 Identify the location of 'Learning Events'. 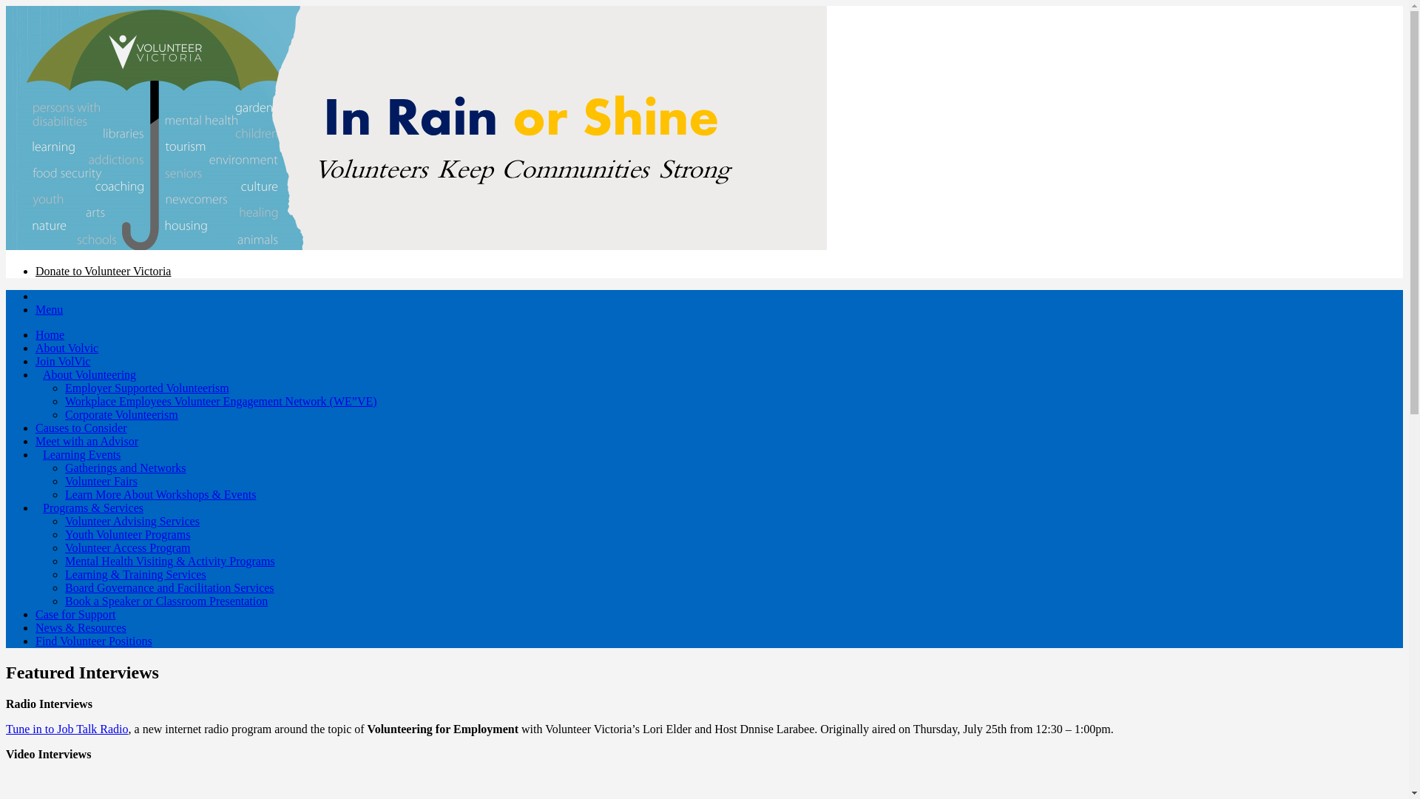
(81, 454).